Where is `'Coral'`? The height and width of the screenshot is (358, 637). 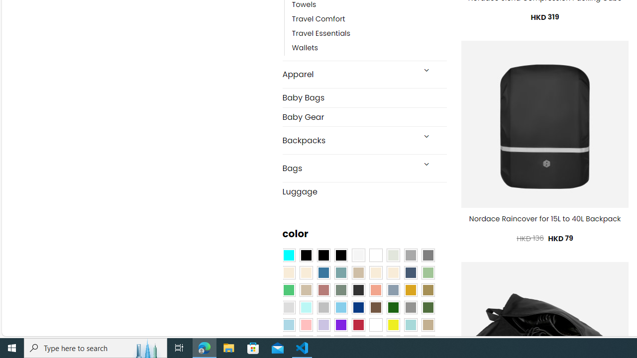
'Coral' is located at coordinates (375, 290).